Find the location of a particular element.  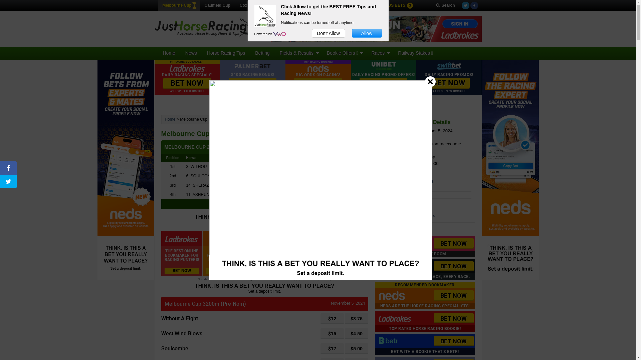

'$3.75' is located at coordinates (356, 318).